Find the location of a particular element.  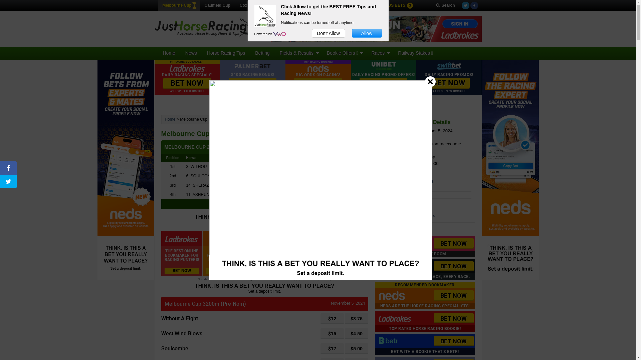

'$3.75' is located at coordinates (356, 318).